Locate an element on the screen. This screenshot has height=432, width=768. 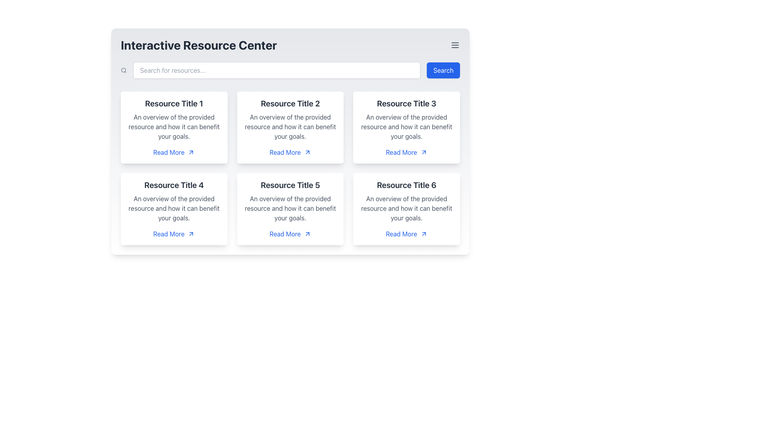
text block providing a concise summary about 'Resource Title 1', which is located directly below its title and above the 'Read More' link in the leftmost card of the top row is located at coordinates (174, 126).